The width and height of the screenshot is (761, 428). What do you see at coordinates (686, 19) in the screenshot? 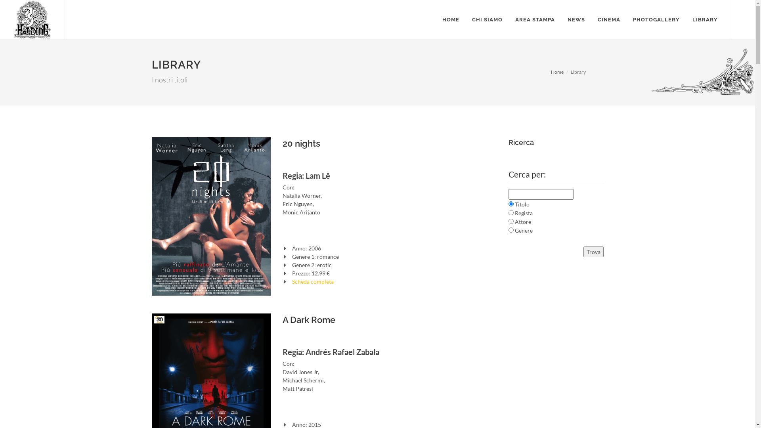
I see `'LIBRARY'` at bounding box center [686, 19].